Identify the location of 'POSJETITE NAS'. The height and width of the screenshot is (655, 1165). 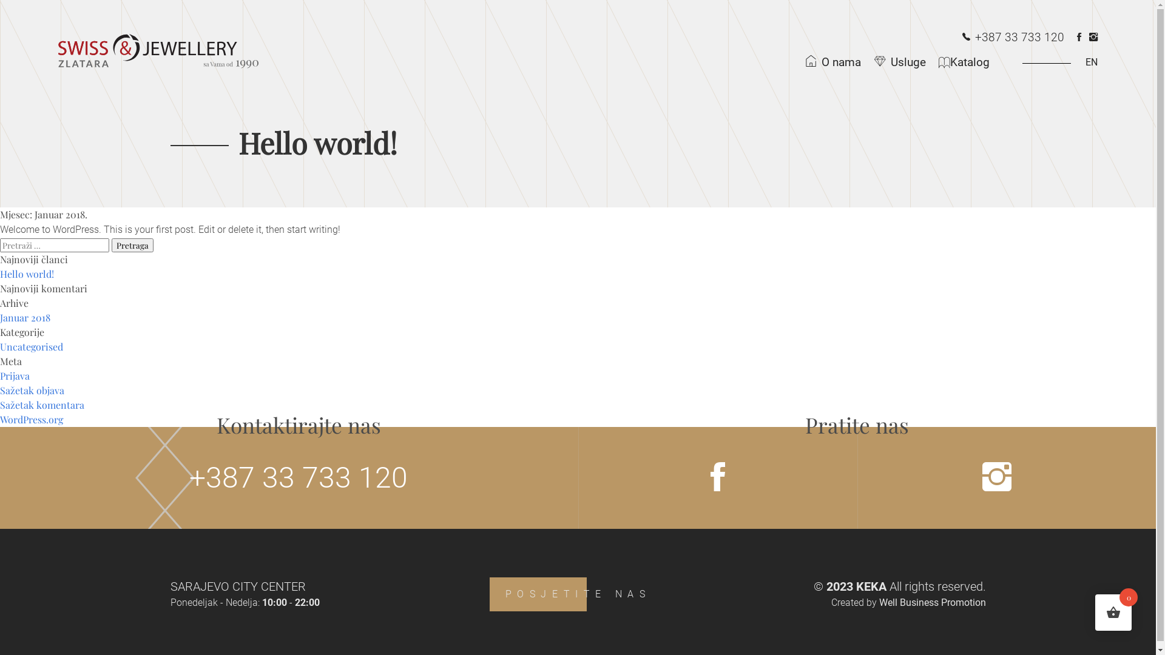
(489, 593).